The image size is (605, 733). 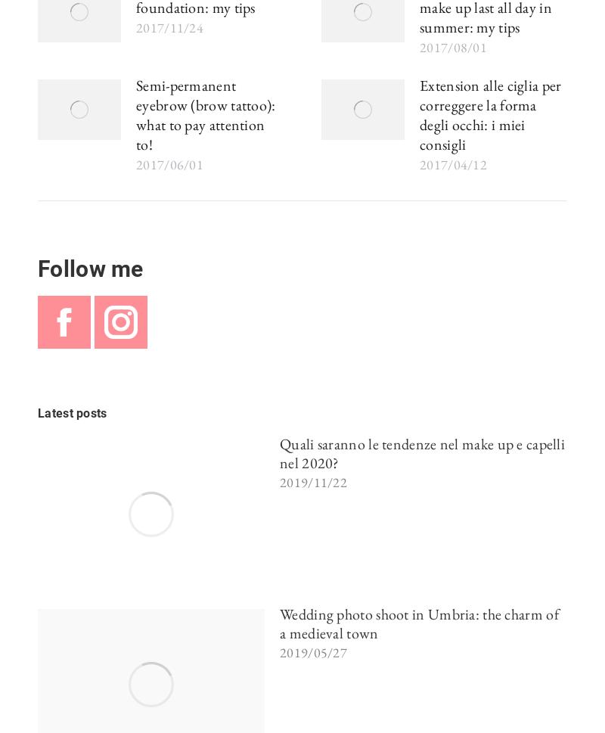 I want to click on '2019/11/22', so click(x=279, y=482).